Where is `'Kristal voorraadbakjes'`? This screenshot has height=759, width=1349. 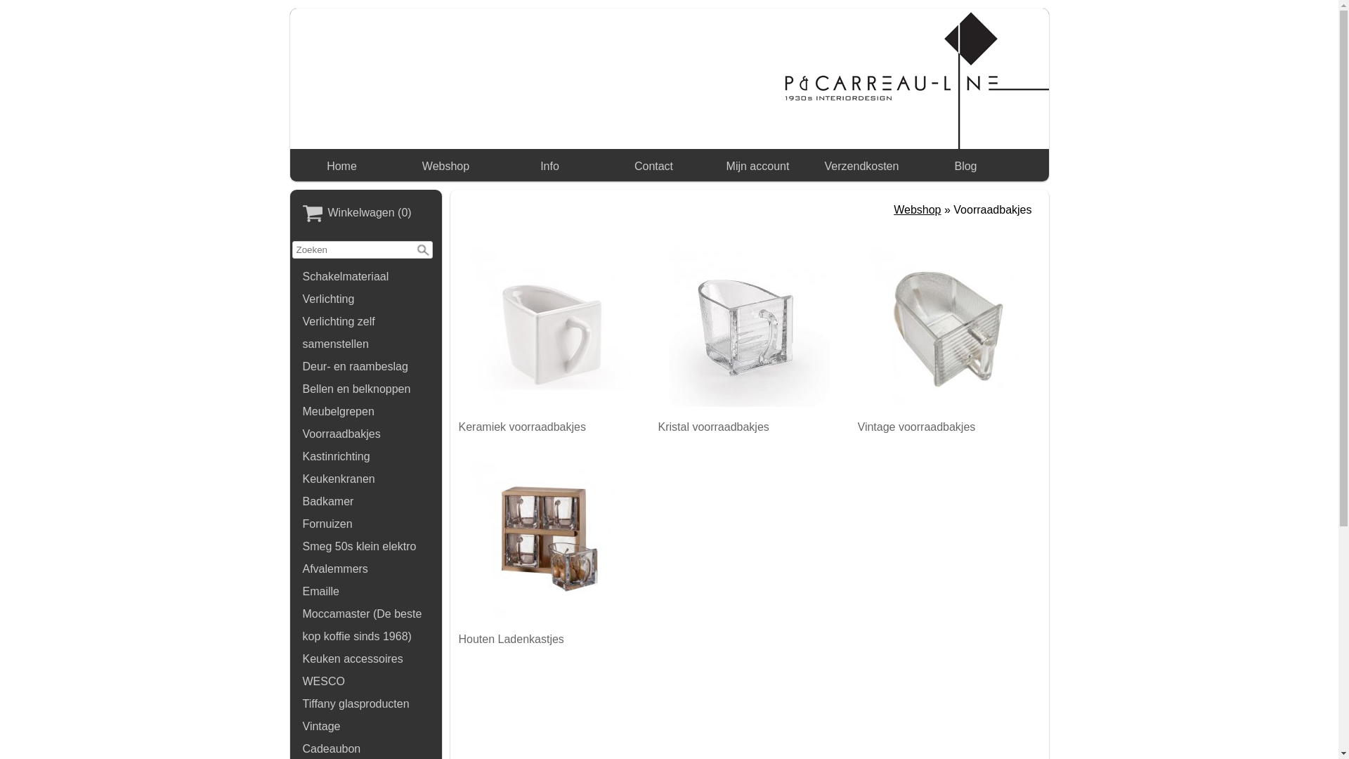
'Kristal voorraadbakjes' is located at coordinates (657, 336).